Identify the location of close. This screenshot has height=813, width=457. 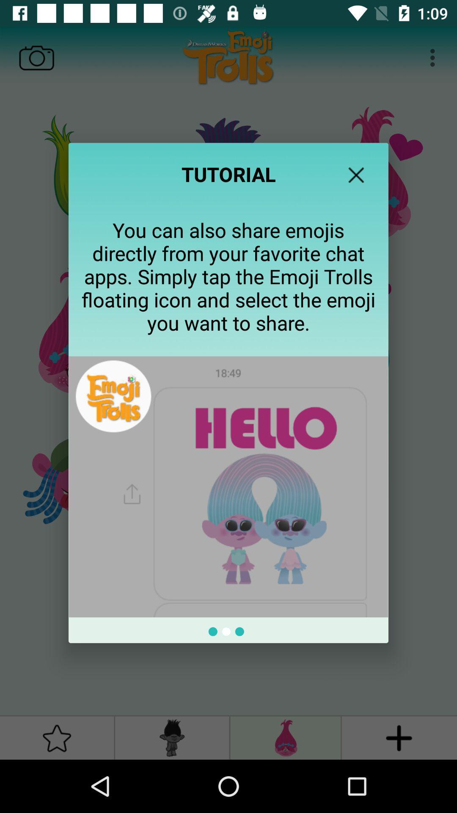
(356, 174).